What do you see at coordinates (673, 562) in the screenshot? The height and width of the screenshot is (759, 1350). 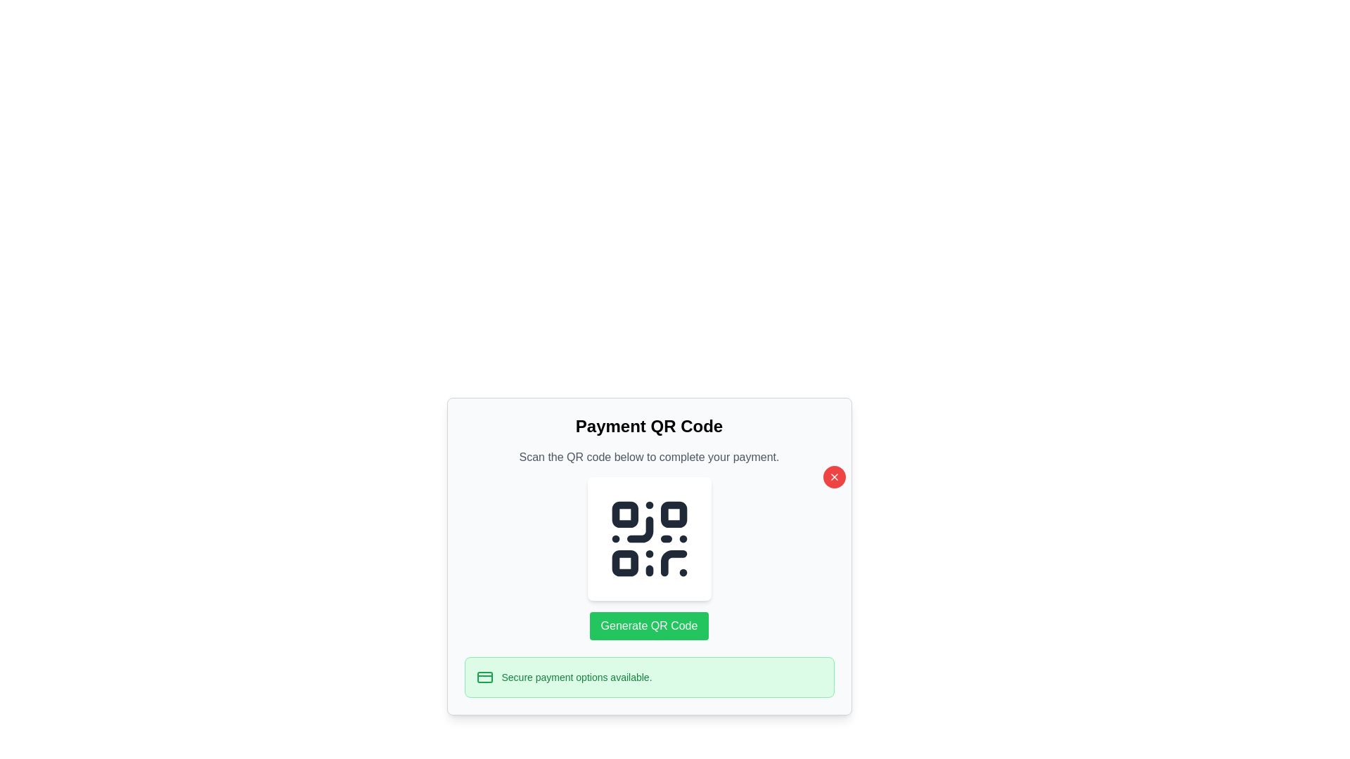 I see `the small curved line in the lower-right corner of the QR code displayed on the modal labeled 'Payment QR Code'` at bounding box center [673, 562].